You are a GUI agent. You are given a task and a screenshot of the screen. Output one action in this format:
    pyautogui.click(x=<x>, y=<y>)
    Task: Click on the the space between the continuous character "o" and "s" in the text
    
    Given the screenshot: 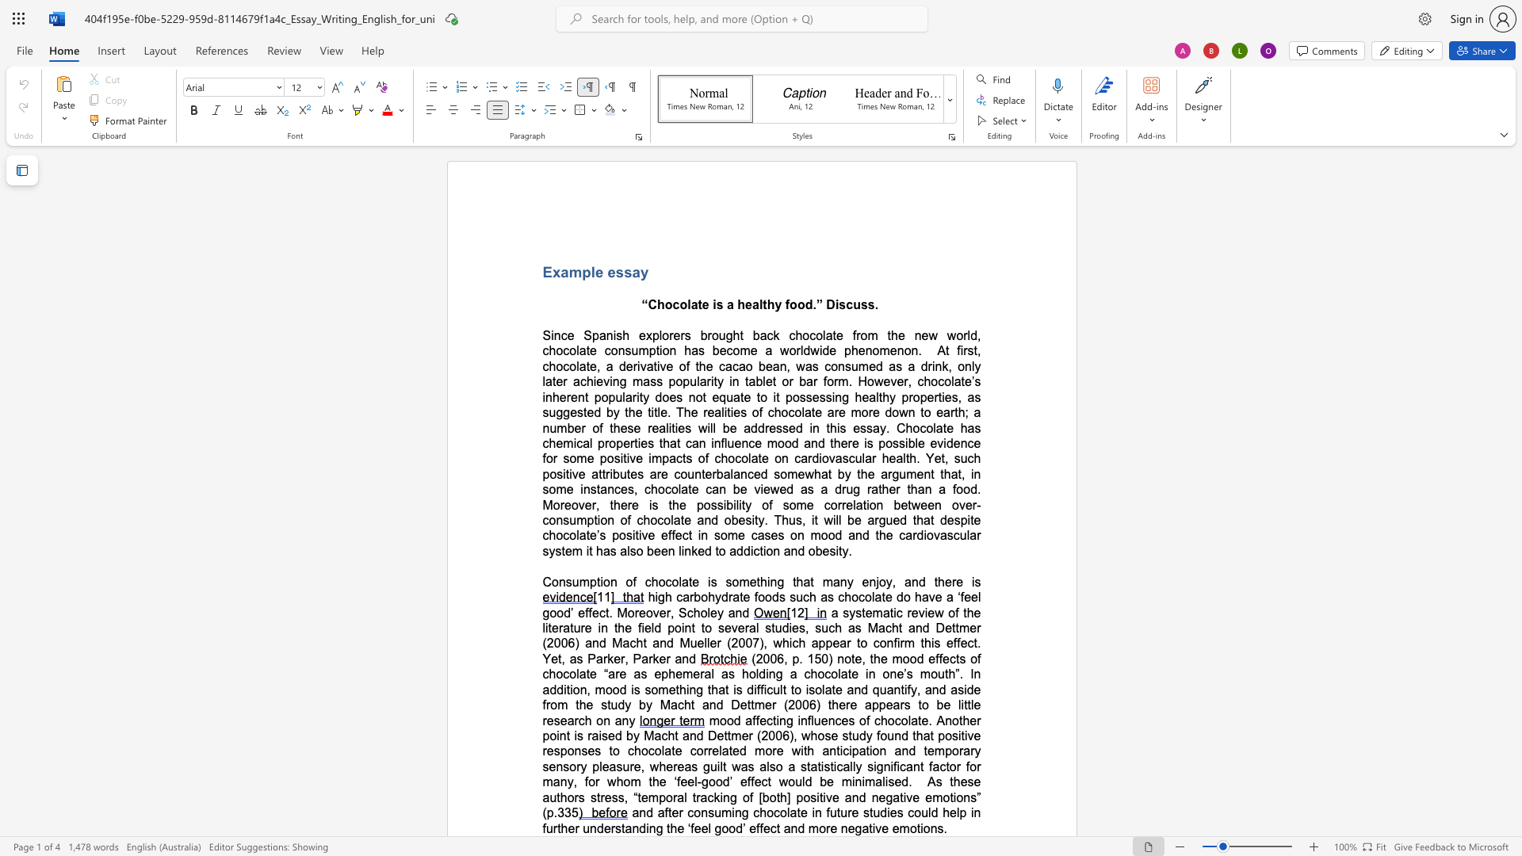 What is the action you would take?
    pyautogui.click(x=799, y=396)
    